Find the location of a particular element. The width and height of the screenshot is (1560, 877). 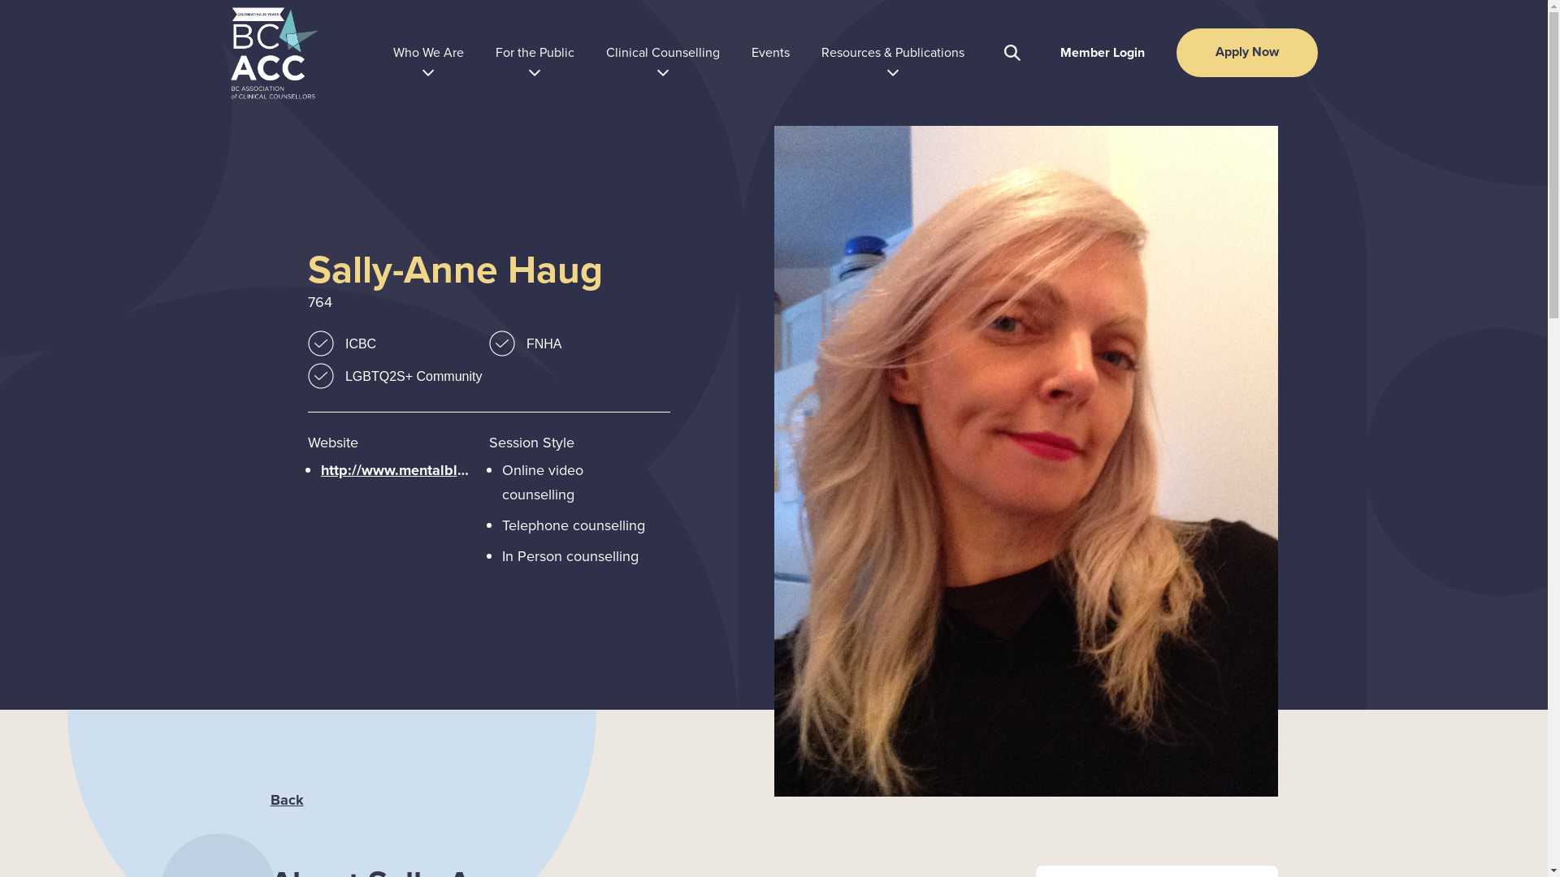

'Clinical Counselling' is located at coordinates (604, 52).